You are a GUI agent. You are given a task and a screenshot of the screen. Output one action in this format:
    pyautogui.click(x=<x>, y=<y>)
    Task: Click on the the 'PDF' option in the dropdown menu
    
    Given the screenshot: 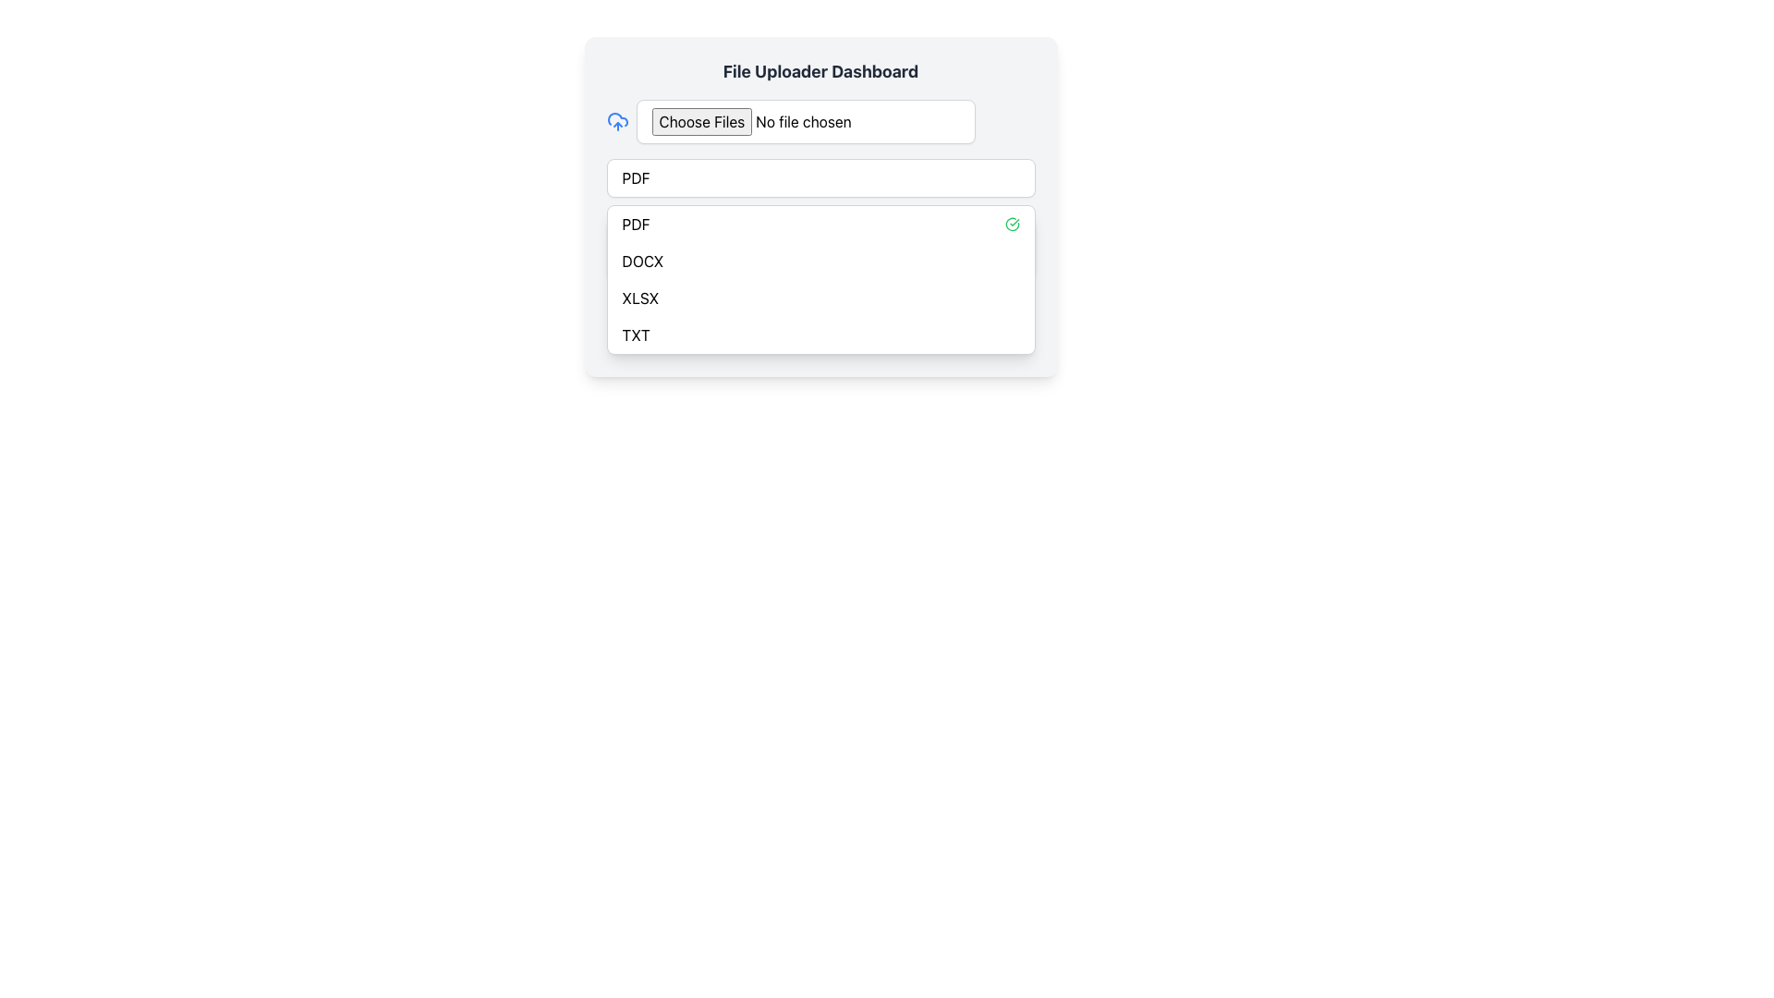 What is the action you would take?
    pyautogui.click(x=820, y=224)
    